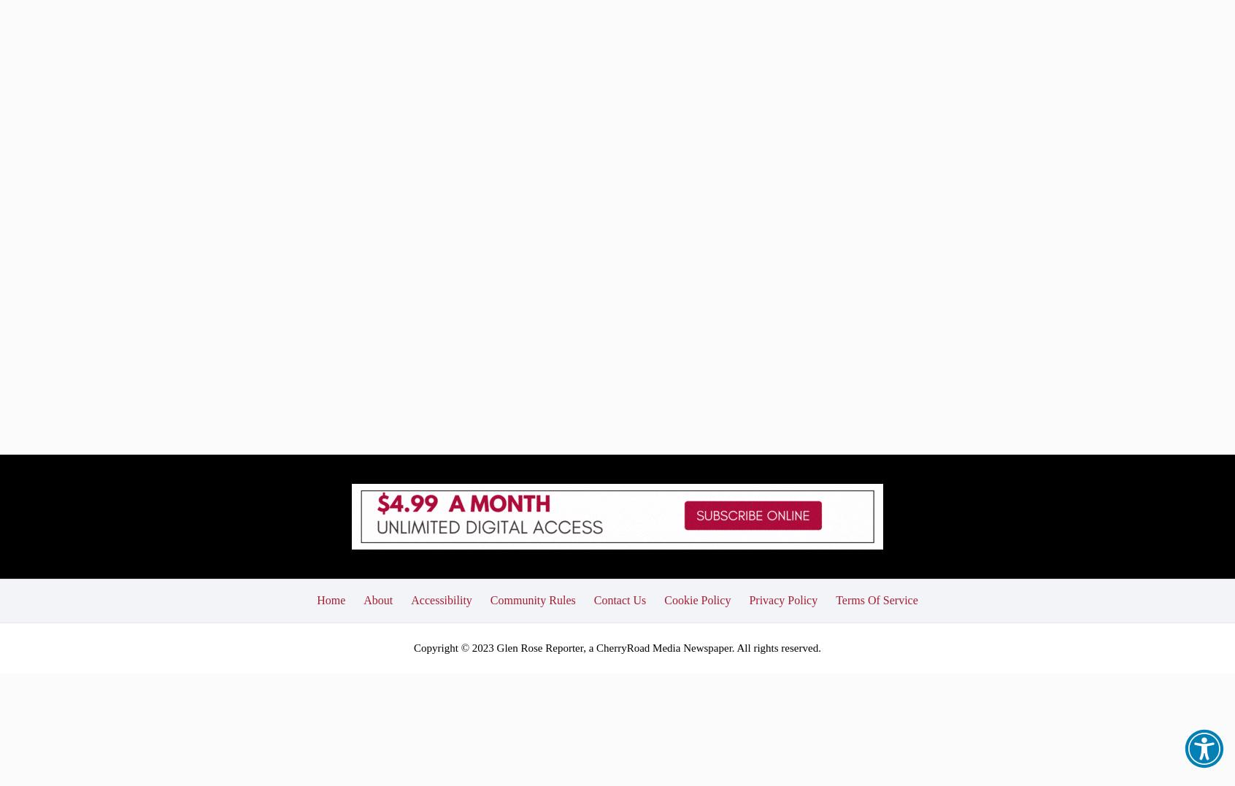 The height and width of the screenshot is (786, 1235). I want to click on 'Privacy Policy', so click(748, 492).